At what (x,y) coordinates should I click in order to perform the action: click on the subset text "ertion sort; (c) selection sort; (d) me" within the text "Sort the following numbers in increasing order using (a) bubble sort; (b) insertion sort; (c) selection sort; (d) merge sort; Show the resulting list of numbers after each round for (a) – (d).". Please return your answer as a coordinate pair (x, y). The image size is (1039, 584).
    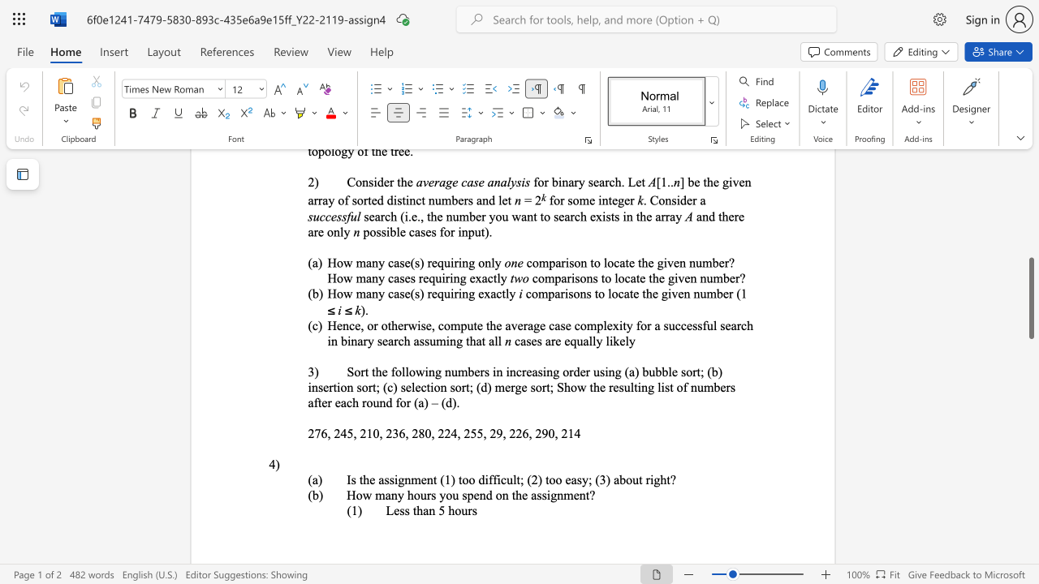
    Looking at the image, I should click on (323, 387).